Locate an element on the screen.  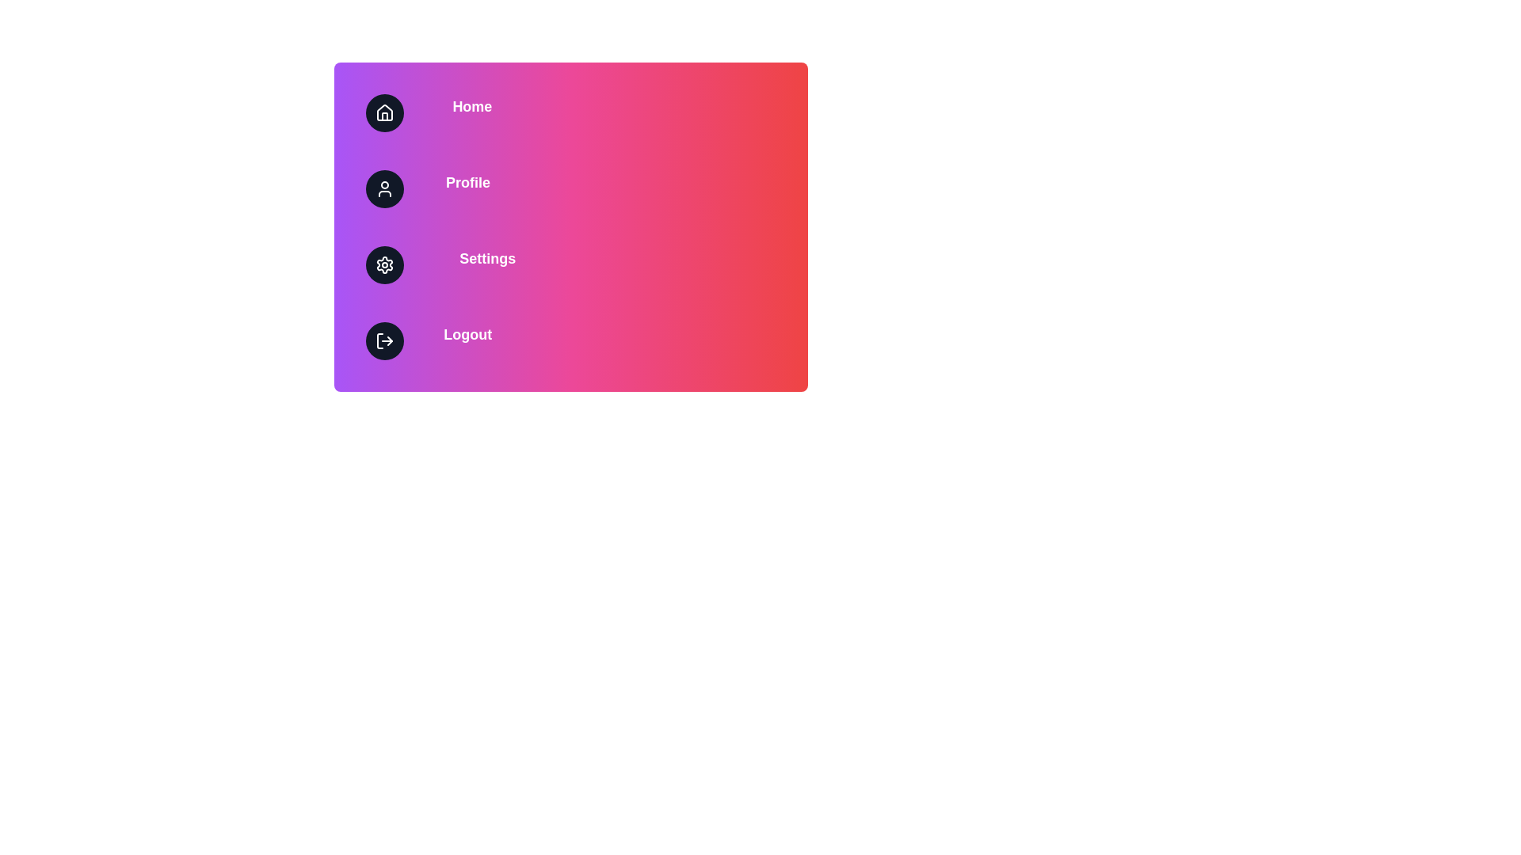
the menu item labeled Settings to perform its associated action is located at coordinates (570, 264).